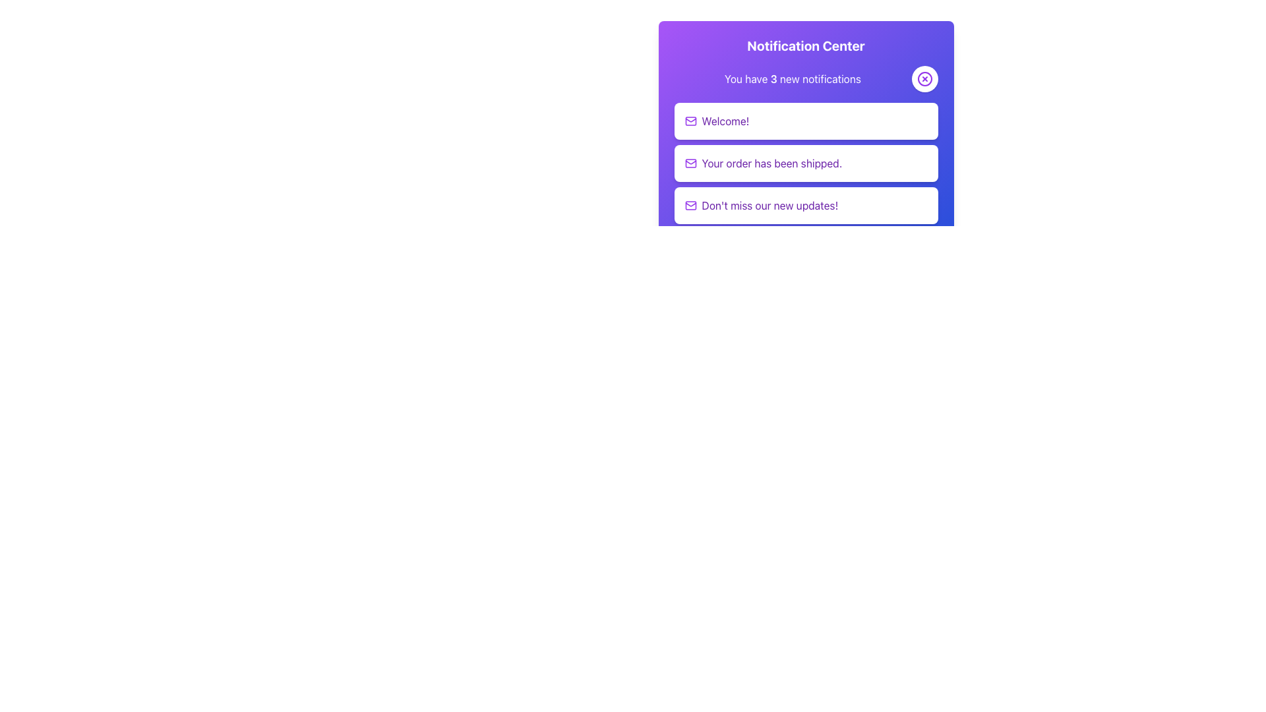  What do you see at coordinates (805, 162) in the screenshot?
I see `the Notification card displaying 'Your order has been shipped.' which is the second notification in the stacked list` at bounding box center [805, 162].